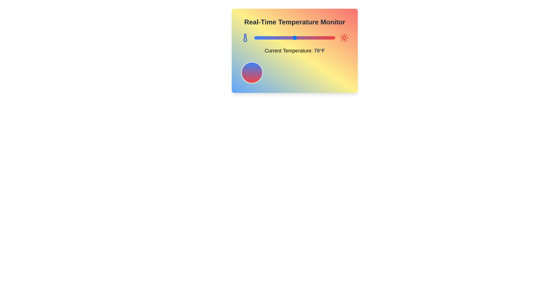 Image resolution: width=540 pixels, height=303 pixels. I want to click on the temperature slider to set the temperature to 36°F, so click(267, 38).